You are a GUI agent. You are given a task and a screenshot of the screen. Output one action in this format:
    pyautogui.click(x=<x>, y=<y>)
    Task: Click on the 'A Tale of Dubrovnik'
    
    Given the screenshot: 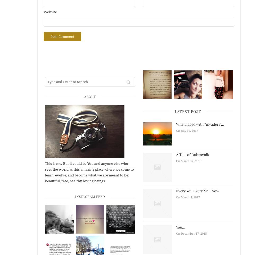 What is the action you would take?
    pyautogui.click(x=192, y=154)
    